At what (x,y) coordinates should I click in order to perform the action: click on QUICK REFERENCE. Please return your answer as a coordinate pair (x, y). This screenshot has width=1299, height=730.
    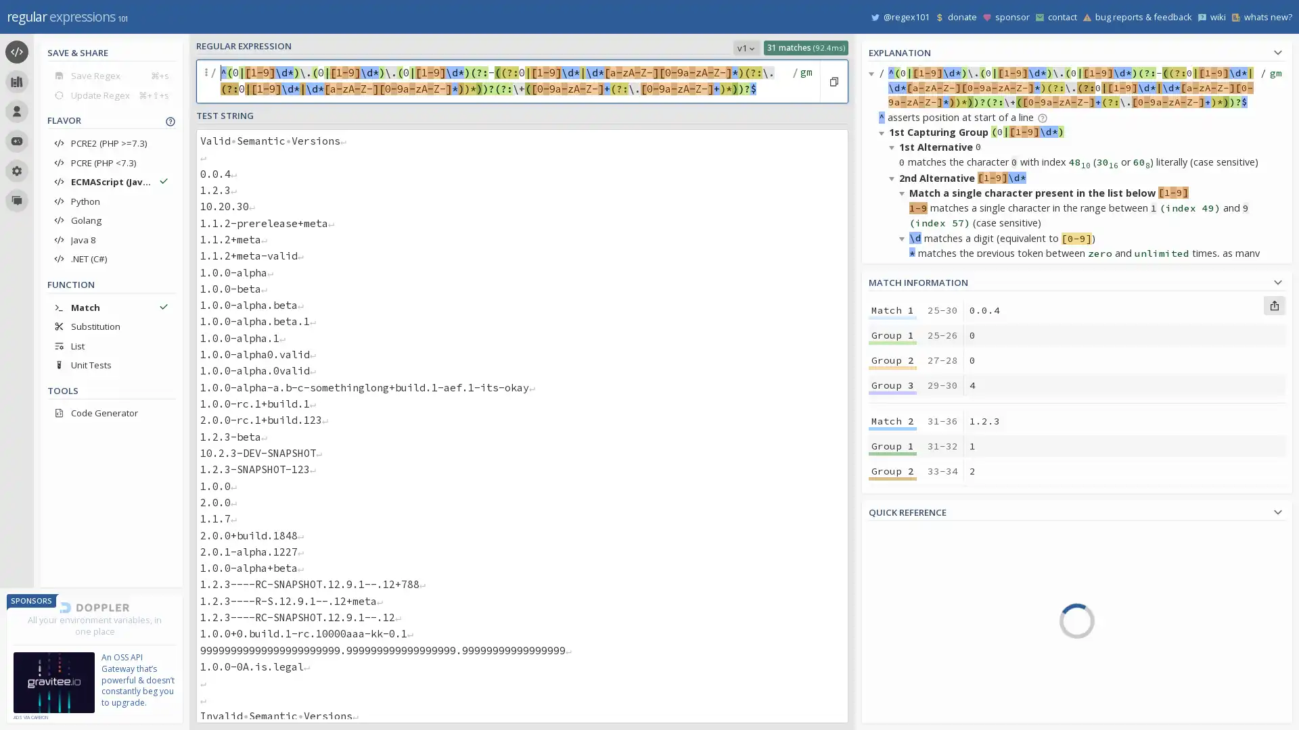
    Looking at the image, I should click on (1076, 510).